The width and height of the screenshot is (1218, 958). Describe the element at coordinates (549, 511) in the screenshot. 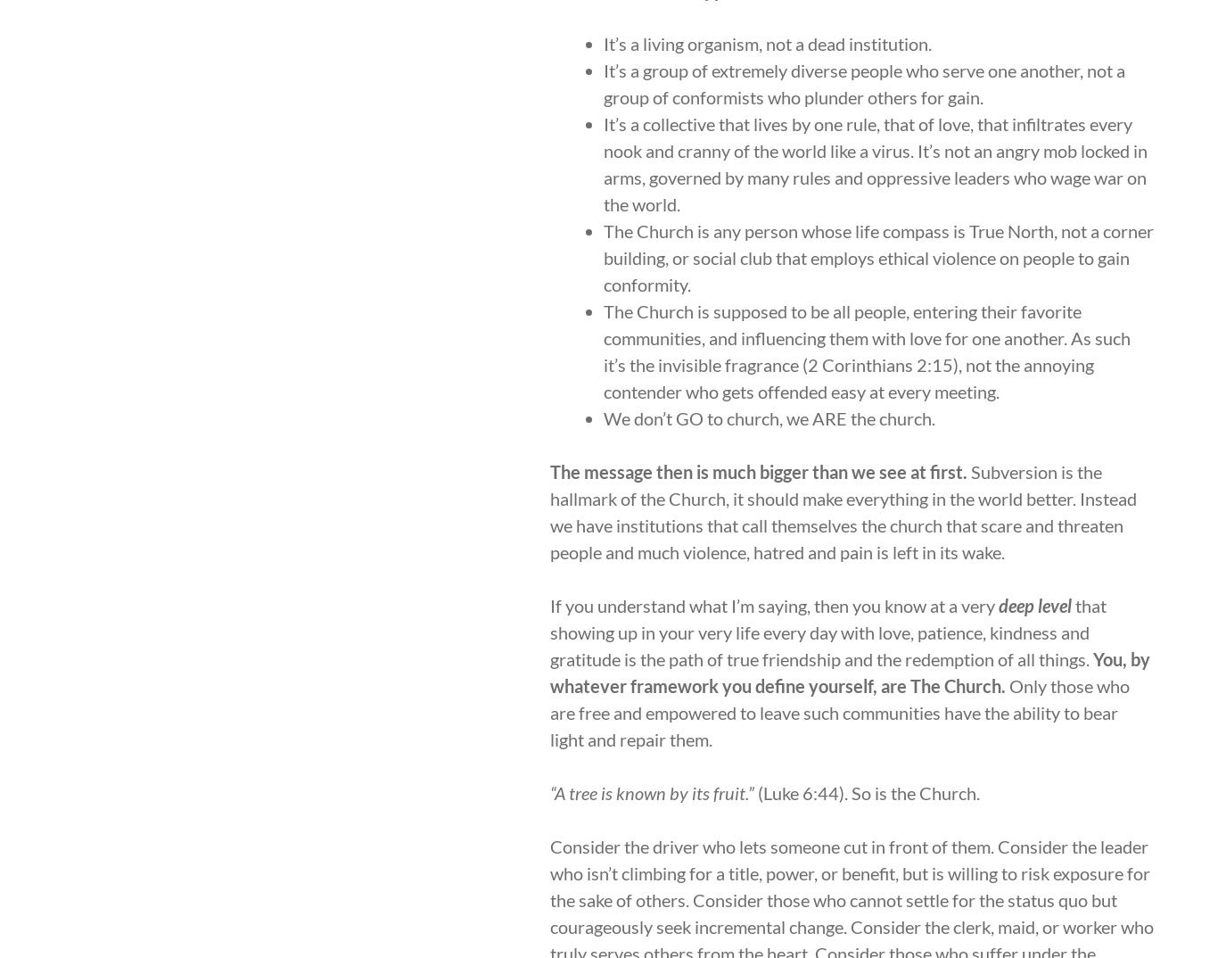

I see `'Subversion is the hallmark of the Church, it should make everything in the world better. Instead we have institutions that call themselves the church that scare and threaten people and much violence, hatred and pain is left in its wake.'` at that location.